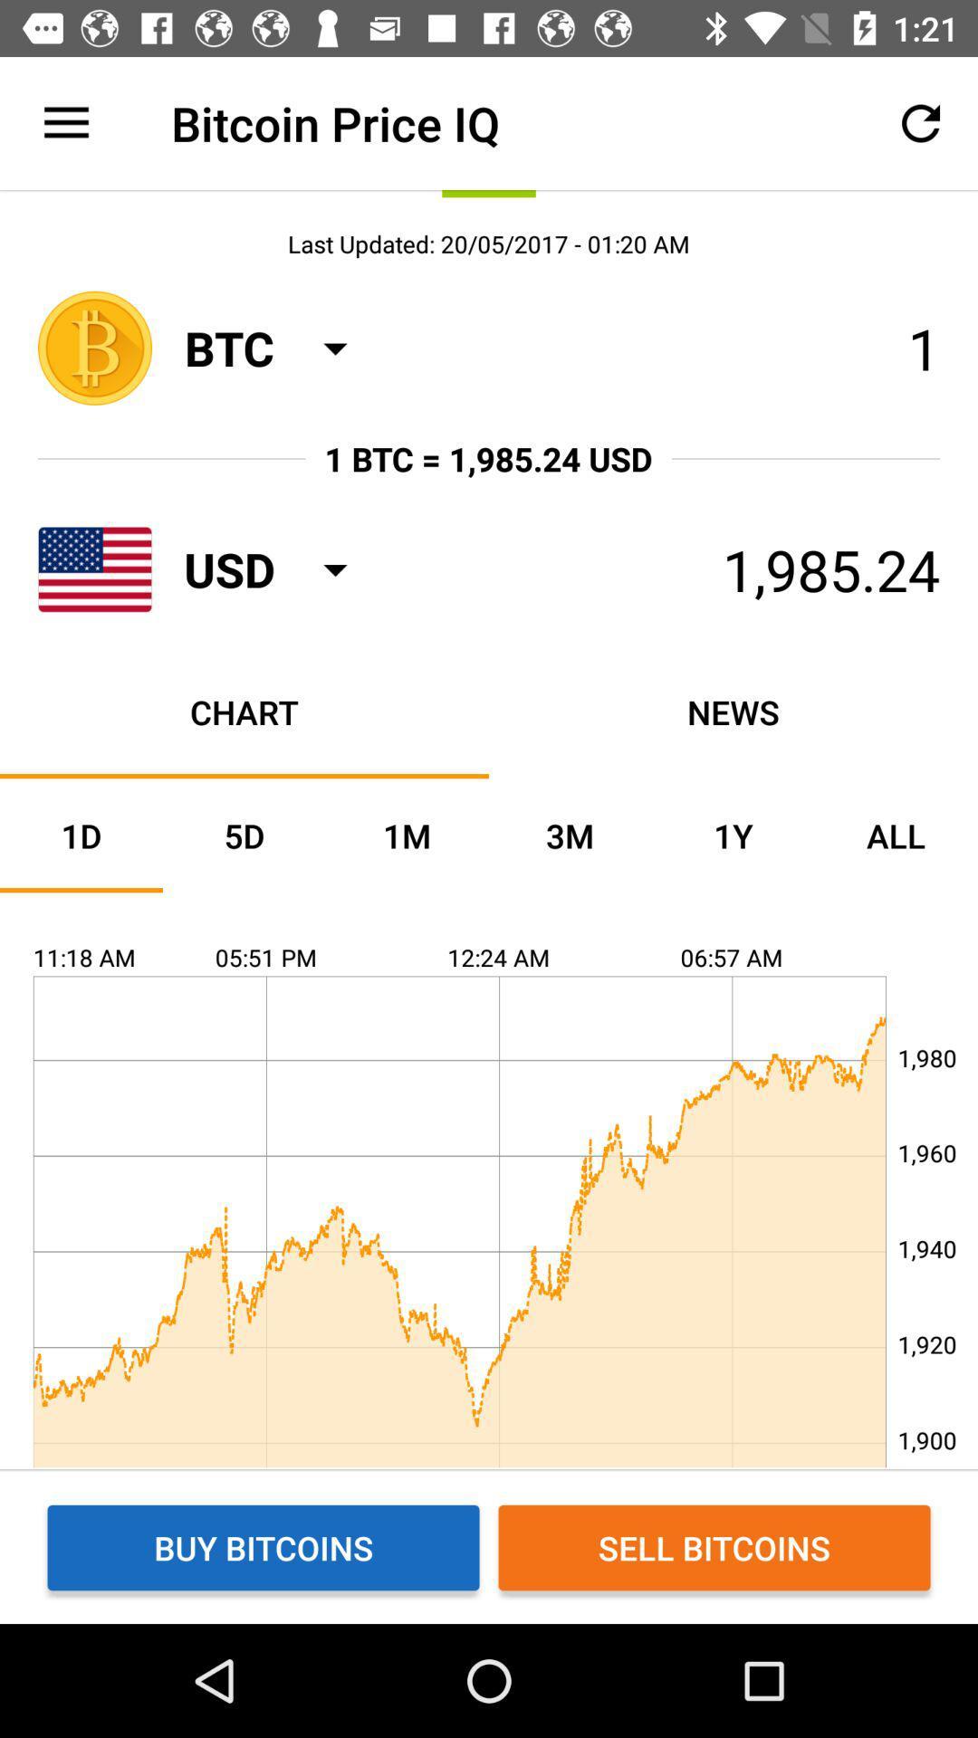 The width and height of the screenshot is (978, 1738). What do you see at coordinates (263, 1546) in the screenshot?
I see `the icon to the left of the sell bitcoins icon` at bounding box center [263, 1546].